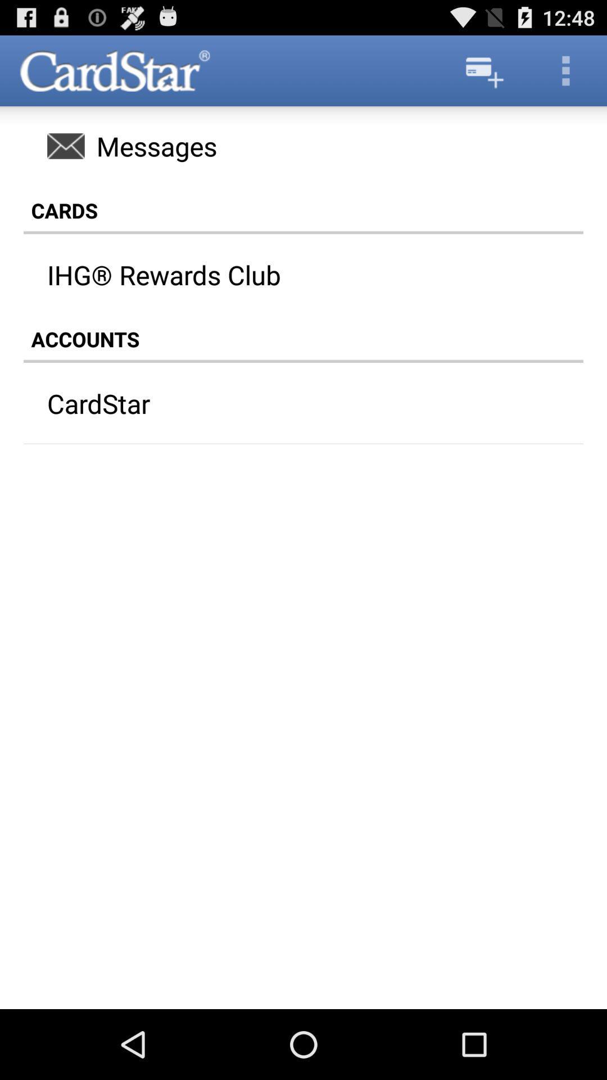 This screenshot has height=1080, width=607. Describe the element at coordinates (315, 274) in the screenshot. I see `app below cards` at that location.